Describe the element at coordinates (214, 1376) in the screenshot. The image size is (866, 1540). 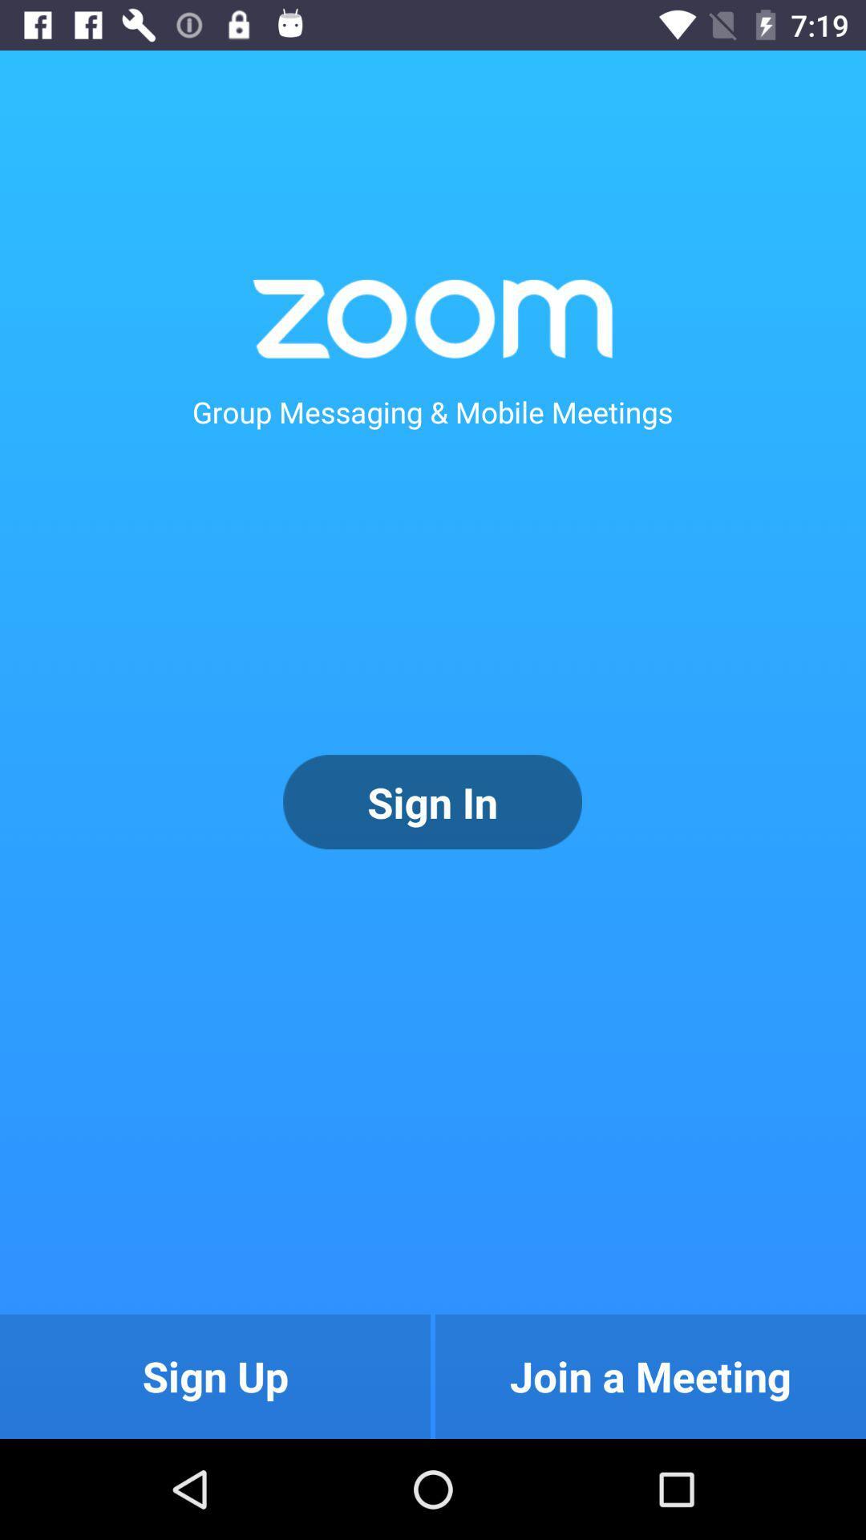
I see `button next to join a meeting item` at that location.